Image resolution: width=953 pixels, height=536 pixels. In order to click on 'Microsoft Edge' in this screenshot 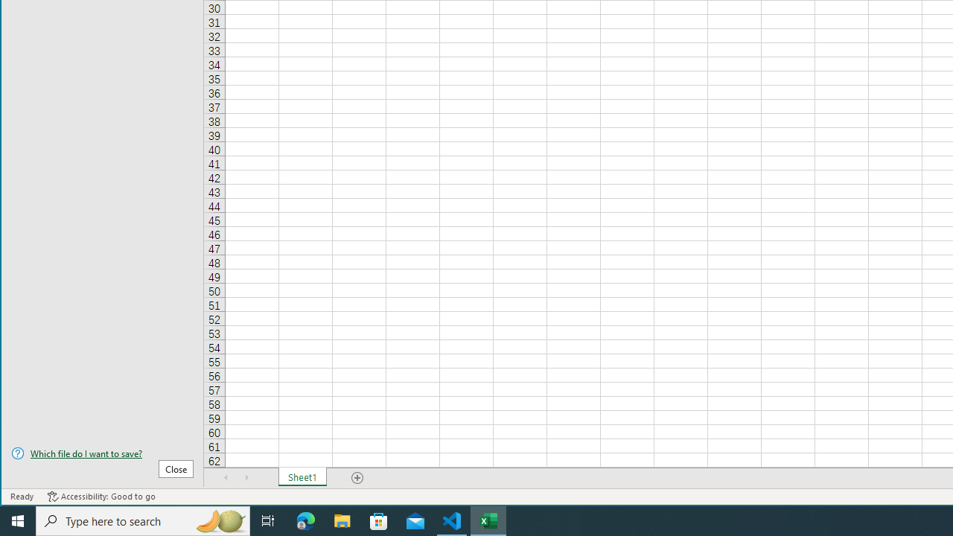, I will do `click(305, 520)`.